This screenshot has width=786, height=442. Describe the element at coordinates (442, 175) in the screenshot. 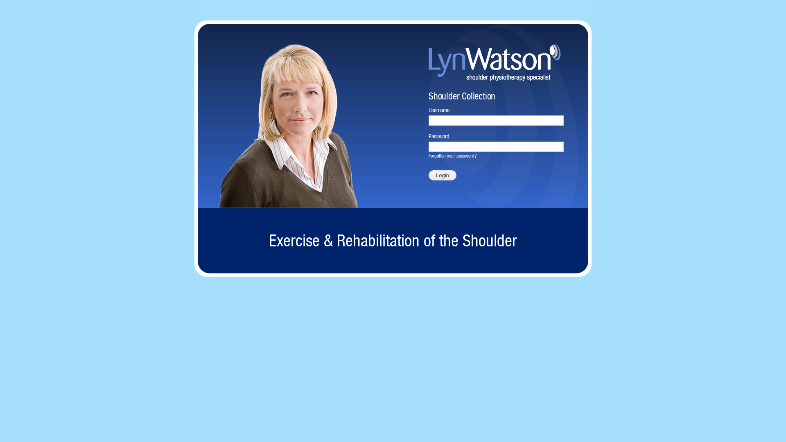

I see `'Login'` at that location.